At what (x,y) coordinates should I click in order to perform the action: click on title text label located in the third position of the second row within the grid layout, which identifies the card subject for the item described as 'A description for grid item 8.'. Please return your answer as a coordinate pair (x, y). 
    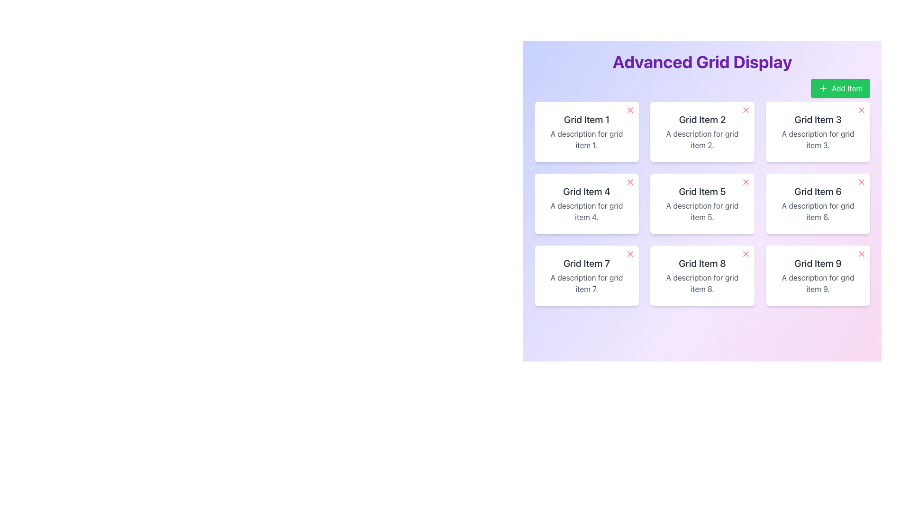
    Looking at the image, I should click on (702, 263).